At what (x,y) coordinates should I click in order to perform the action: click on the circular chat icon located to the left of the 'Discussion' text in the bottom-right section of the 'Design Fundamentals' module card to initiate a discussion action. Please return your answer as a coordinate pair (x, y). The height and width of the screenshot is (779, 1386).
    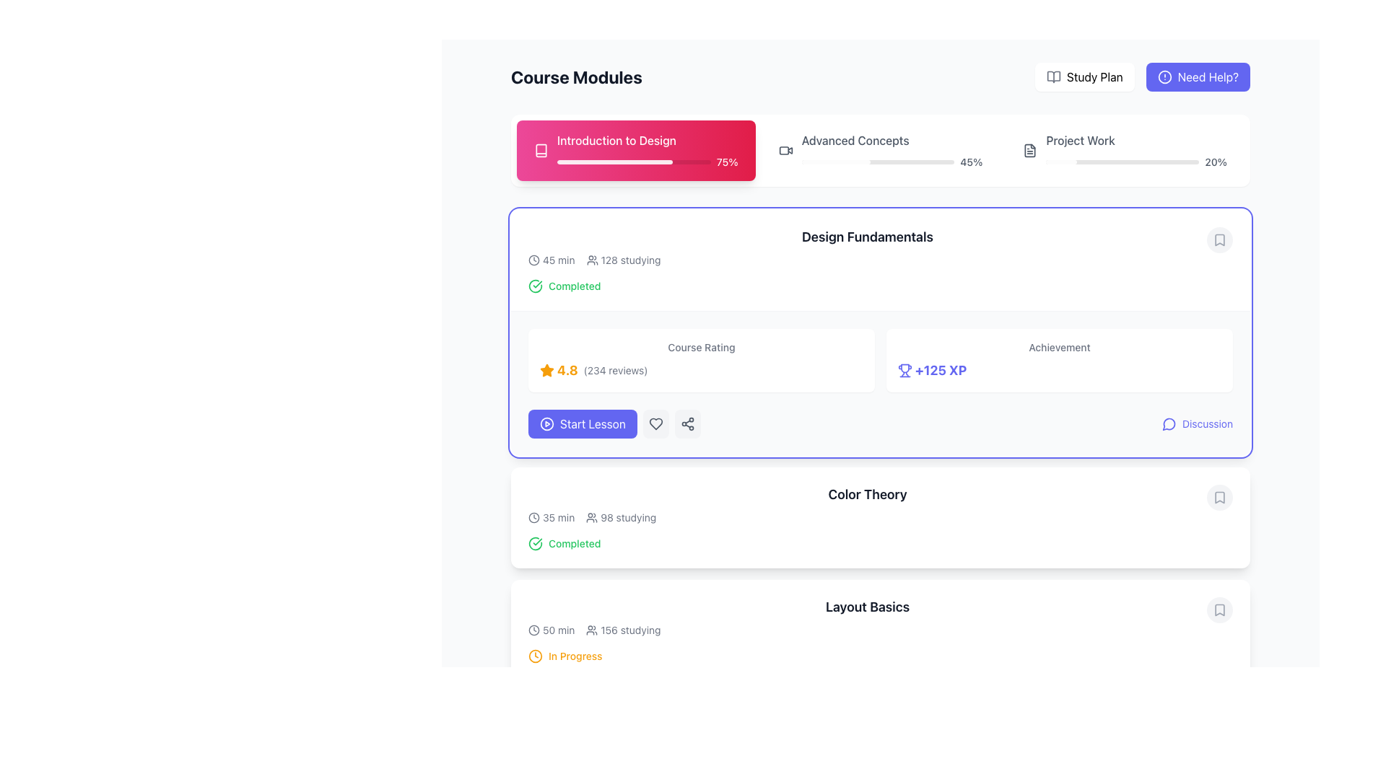
    Looking at the image, I should click on (1169, 423).